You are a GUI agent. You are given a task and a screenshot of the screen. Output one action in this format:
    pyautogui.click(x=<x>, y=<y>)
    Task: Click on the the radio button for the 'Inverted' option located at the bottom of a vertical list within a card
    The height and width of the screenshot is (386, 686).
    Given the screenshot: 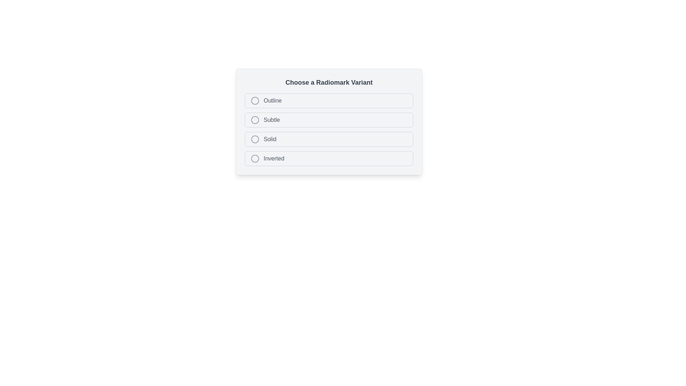 What is the action you would take?
    pyautogui.click(x=255, y=158)
    